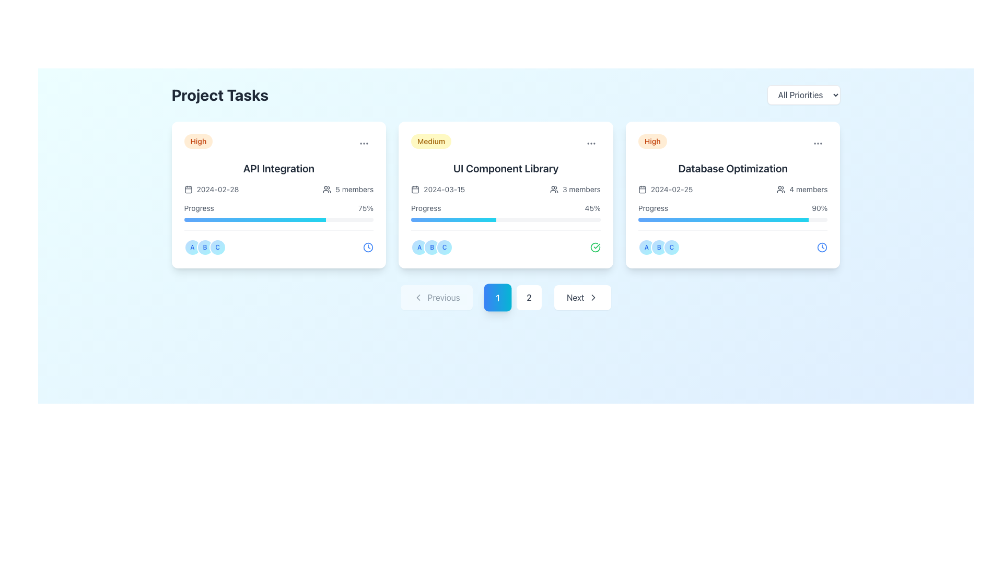 Image resolution: width=1003 pixels, height=564 pixels. What do you see at coordinates (506, 212) in the screenshot?
I see `the progress value of the Progress bar titled 'Progress' that displays '45%' within the 'UI Component Library' card` at bounding box center [506, 212].